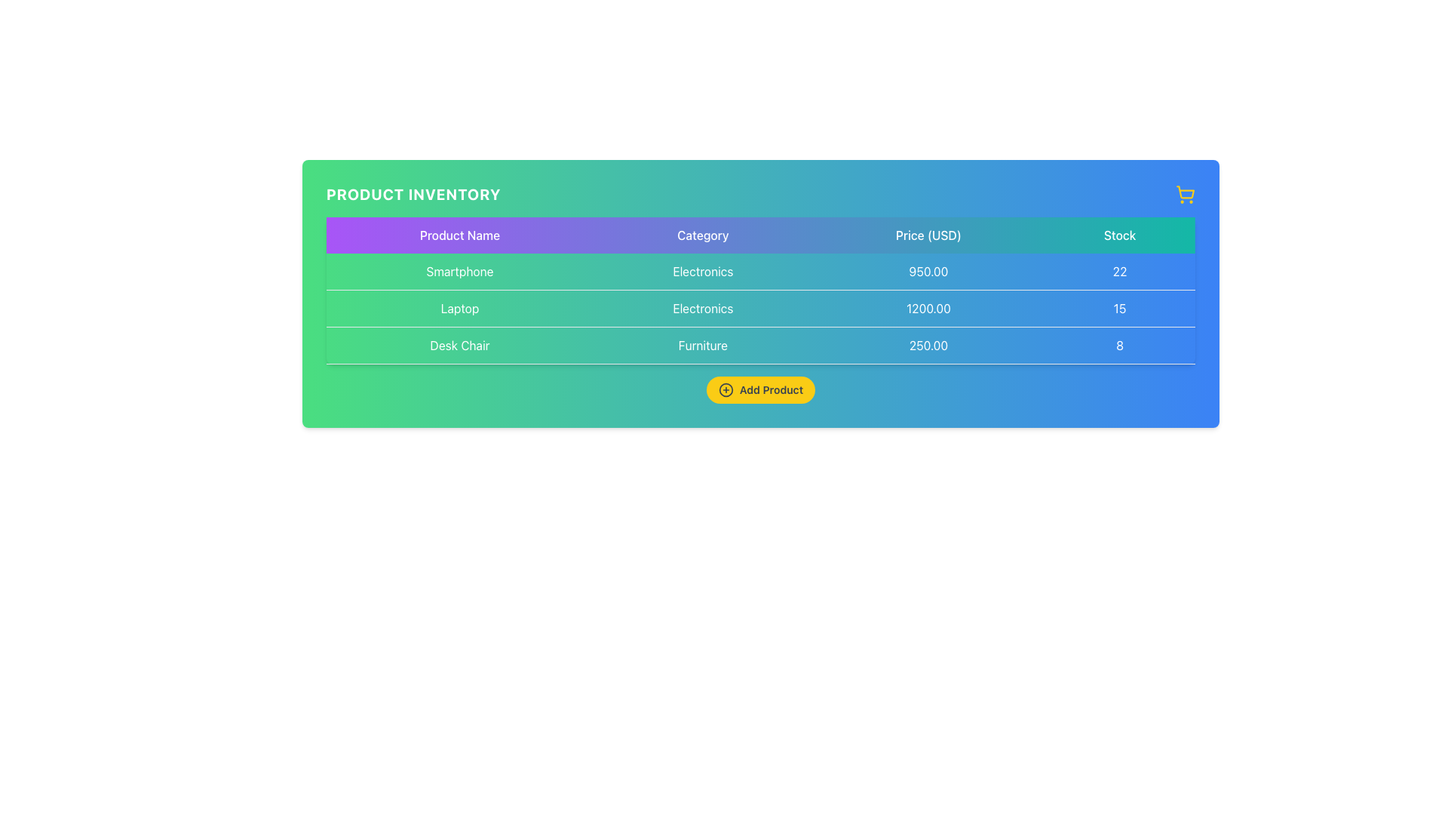 The image size is (1448, 815). Describe the element at coordinates (760, 272) in the screenshot. I see `the first row of the product inventory table which displays product details such as name, category, price, and stock quantity` at that location.